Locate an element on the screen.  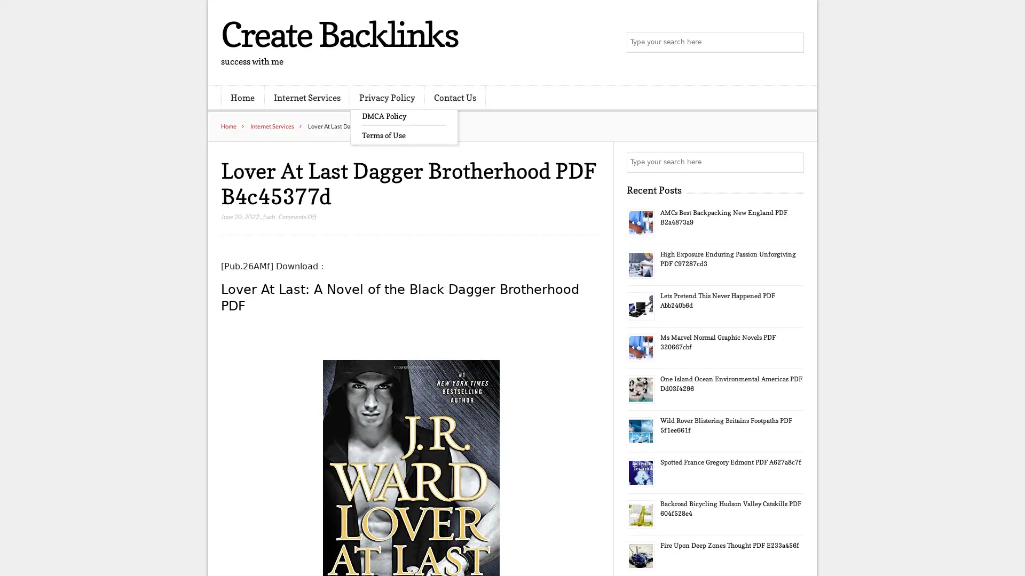
Search is located at coordinates (793, 162).